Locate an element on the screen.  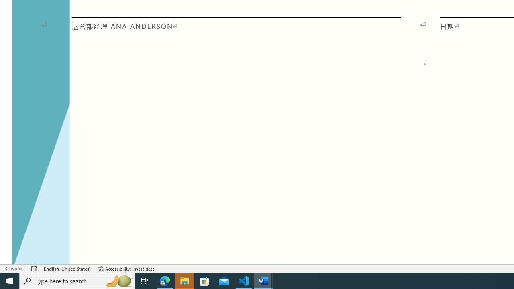
'Word Count 32 words' is located at coordinates (14, 269).